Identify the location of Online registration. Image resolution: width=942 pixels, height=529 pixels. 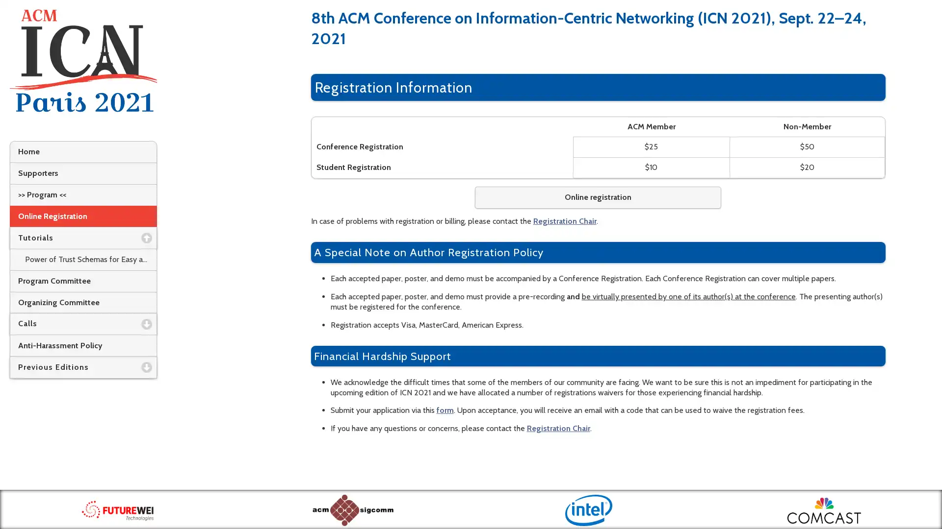
(597, 197).